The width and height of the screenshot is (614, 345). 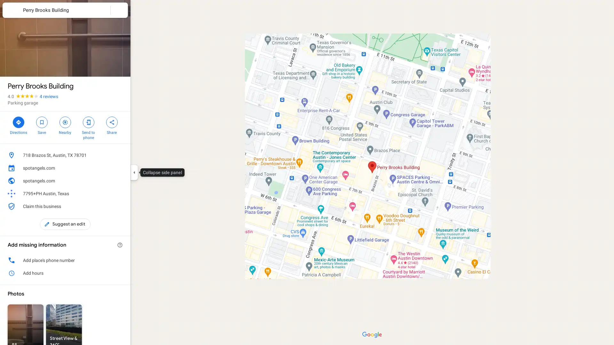 What do you see at coordinates (134, 172) in the screenshot?
I see `Collapse side panel` at bounding box center [134, 172].